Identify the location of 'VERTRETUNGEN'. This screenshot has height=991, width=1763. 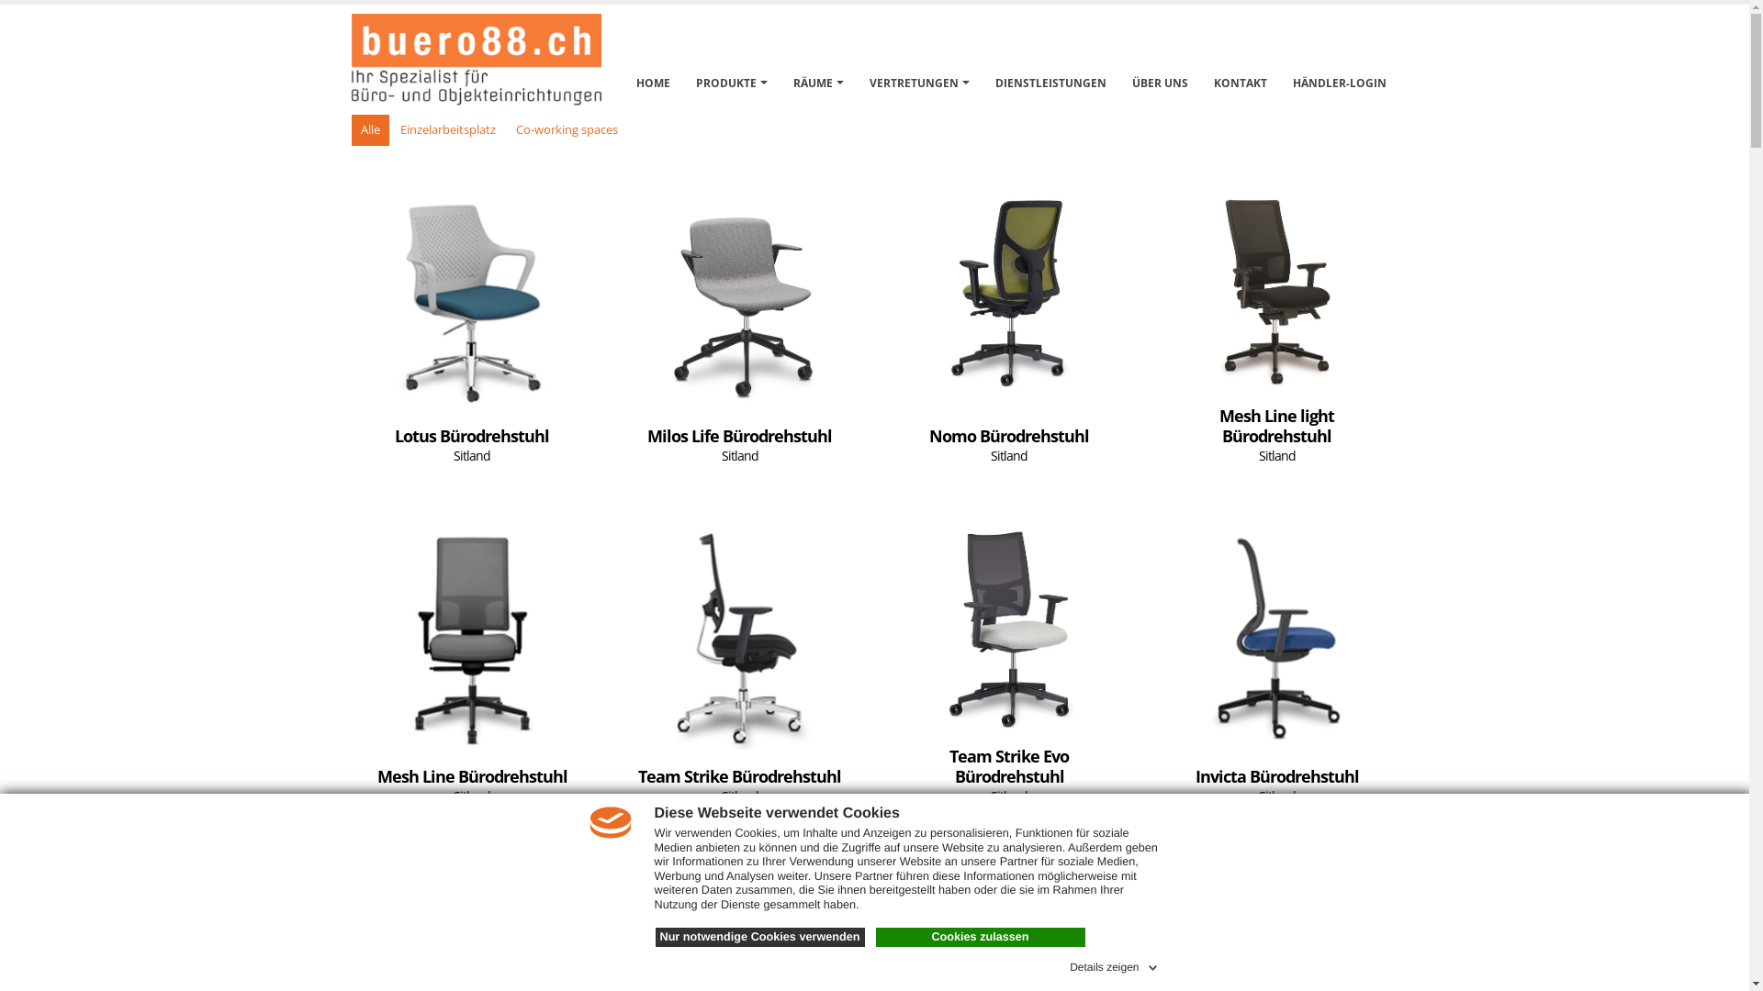
(919, 63).